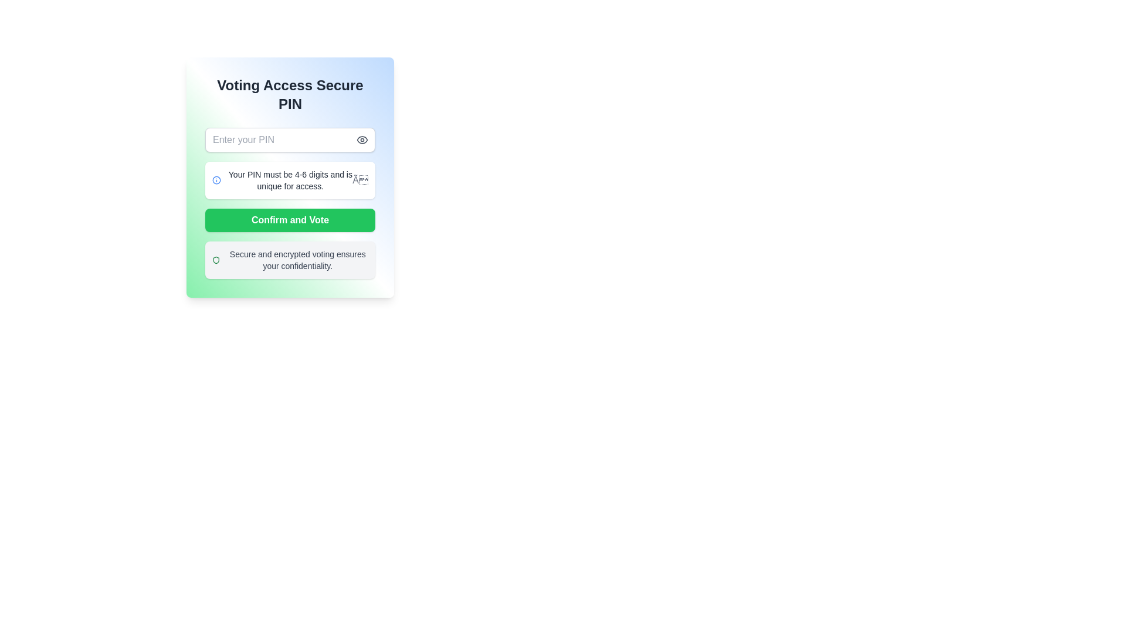 This screenshot has width=1126, height=633. Describe the element at coordinates (290, 259) in the screenshot. I see `the informational text element that contains a green shield icon and the message 'Secure and encrypted voting ensures your confidentiality.'` at that location.